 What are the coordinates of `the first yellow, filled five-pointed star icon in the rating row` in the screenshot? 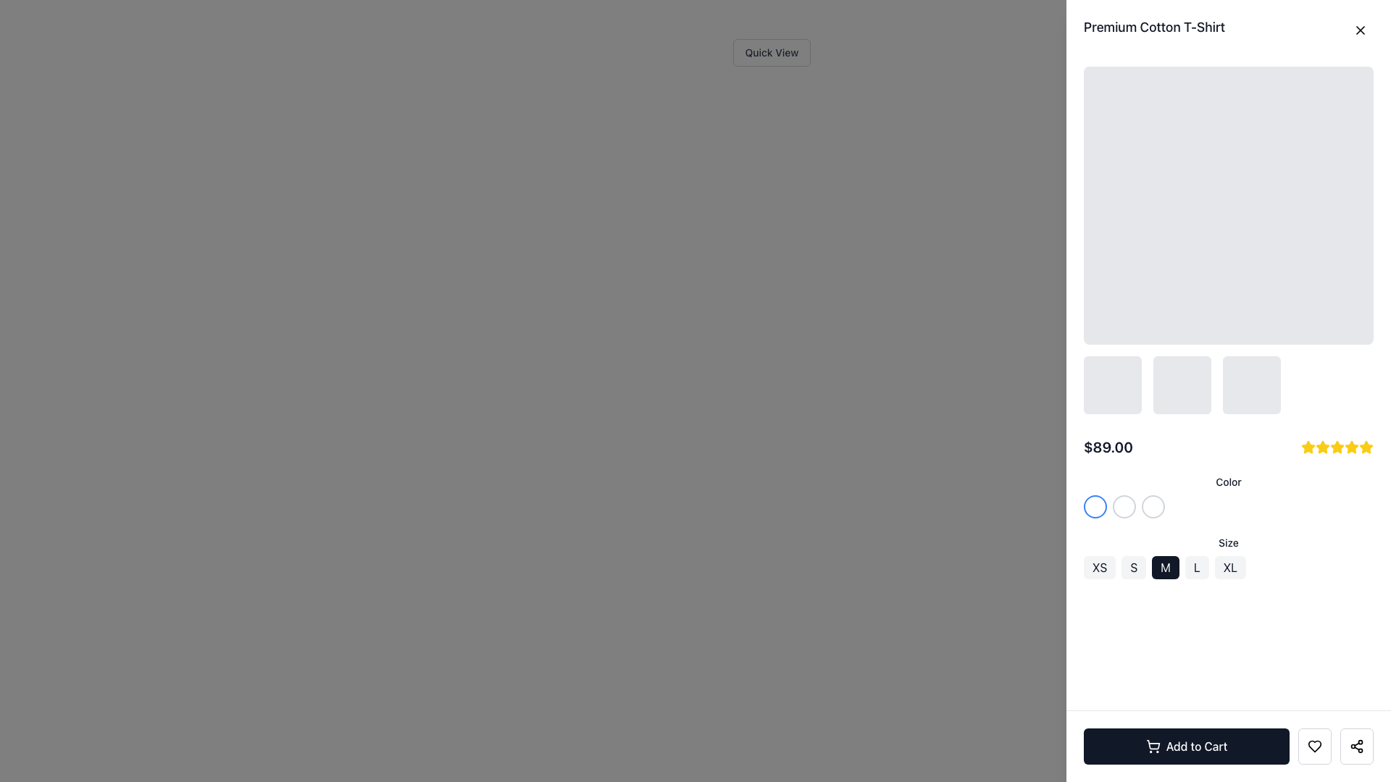 It's located at (1308, 446).